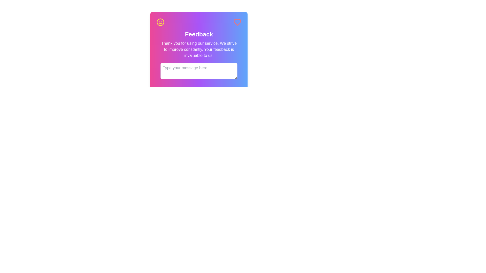 The width and height of the screenshot is (486, 273). Describe the element at coordinates (237, 22) in the screenshot. I see `the heart-shaped icon located` at that location.